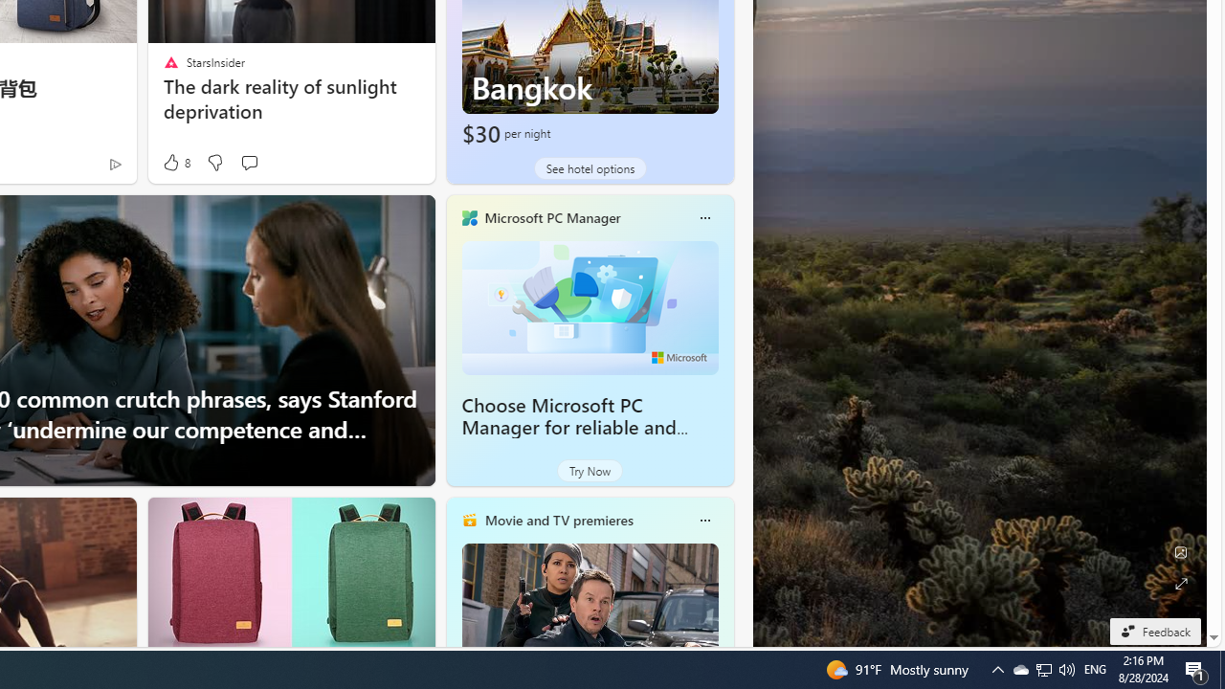  I want to click on 'Expand background', so click(1179, 583).